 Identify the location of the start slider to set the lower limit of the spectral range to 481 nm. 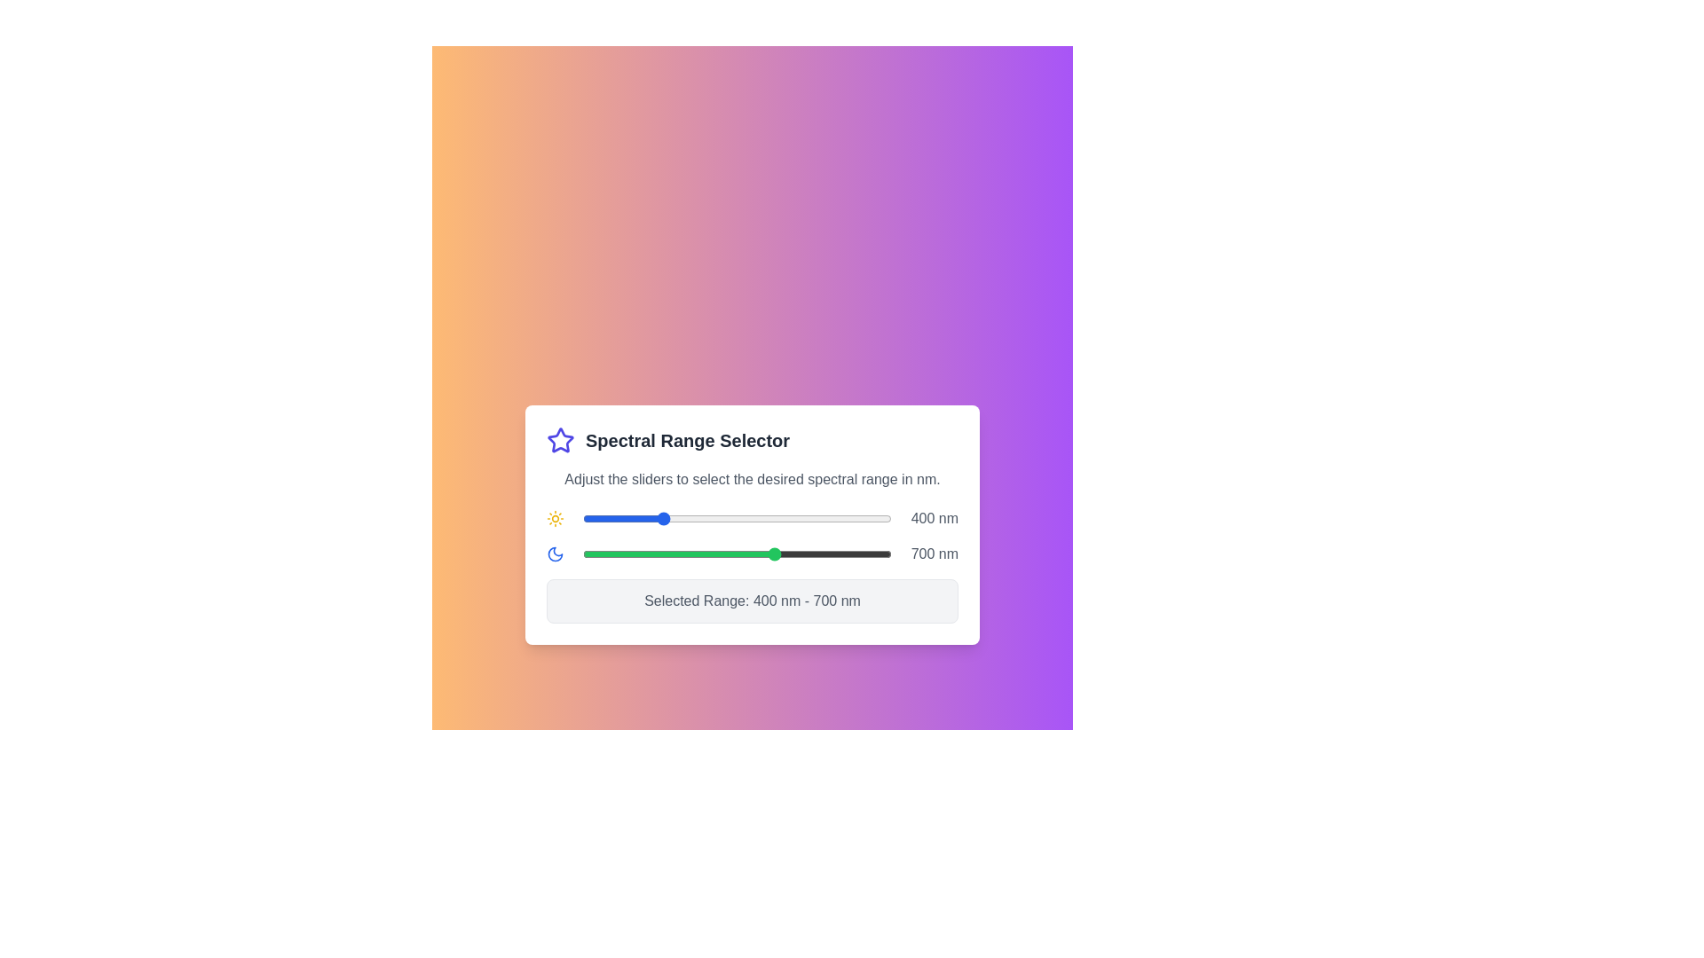
(690, 519).